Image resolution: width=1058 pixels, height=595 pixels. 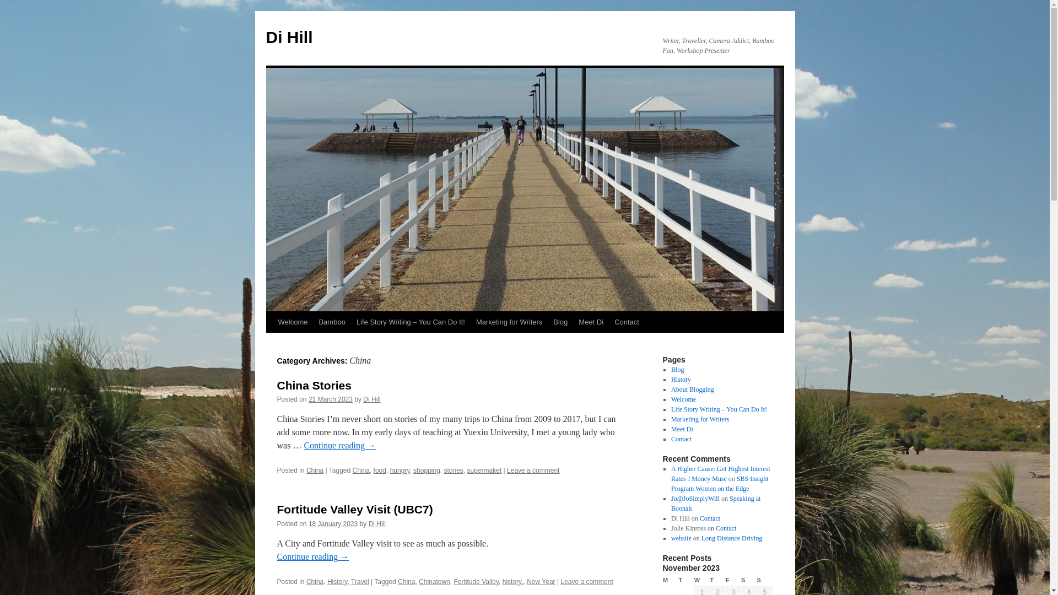 I want to click on 'History', so click(x=336, y=581).